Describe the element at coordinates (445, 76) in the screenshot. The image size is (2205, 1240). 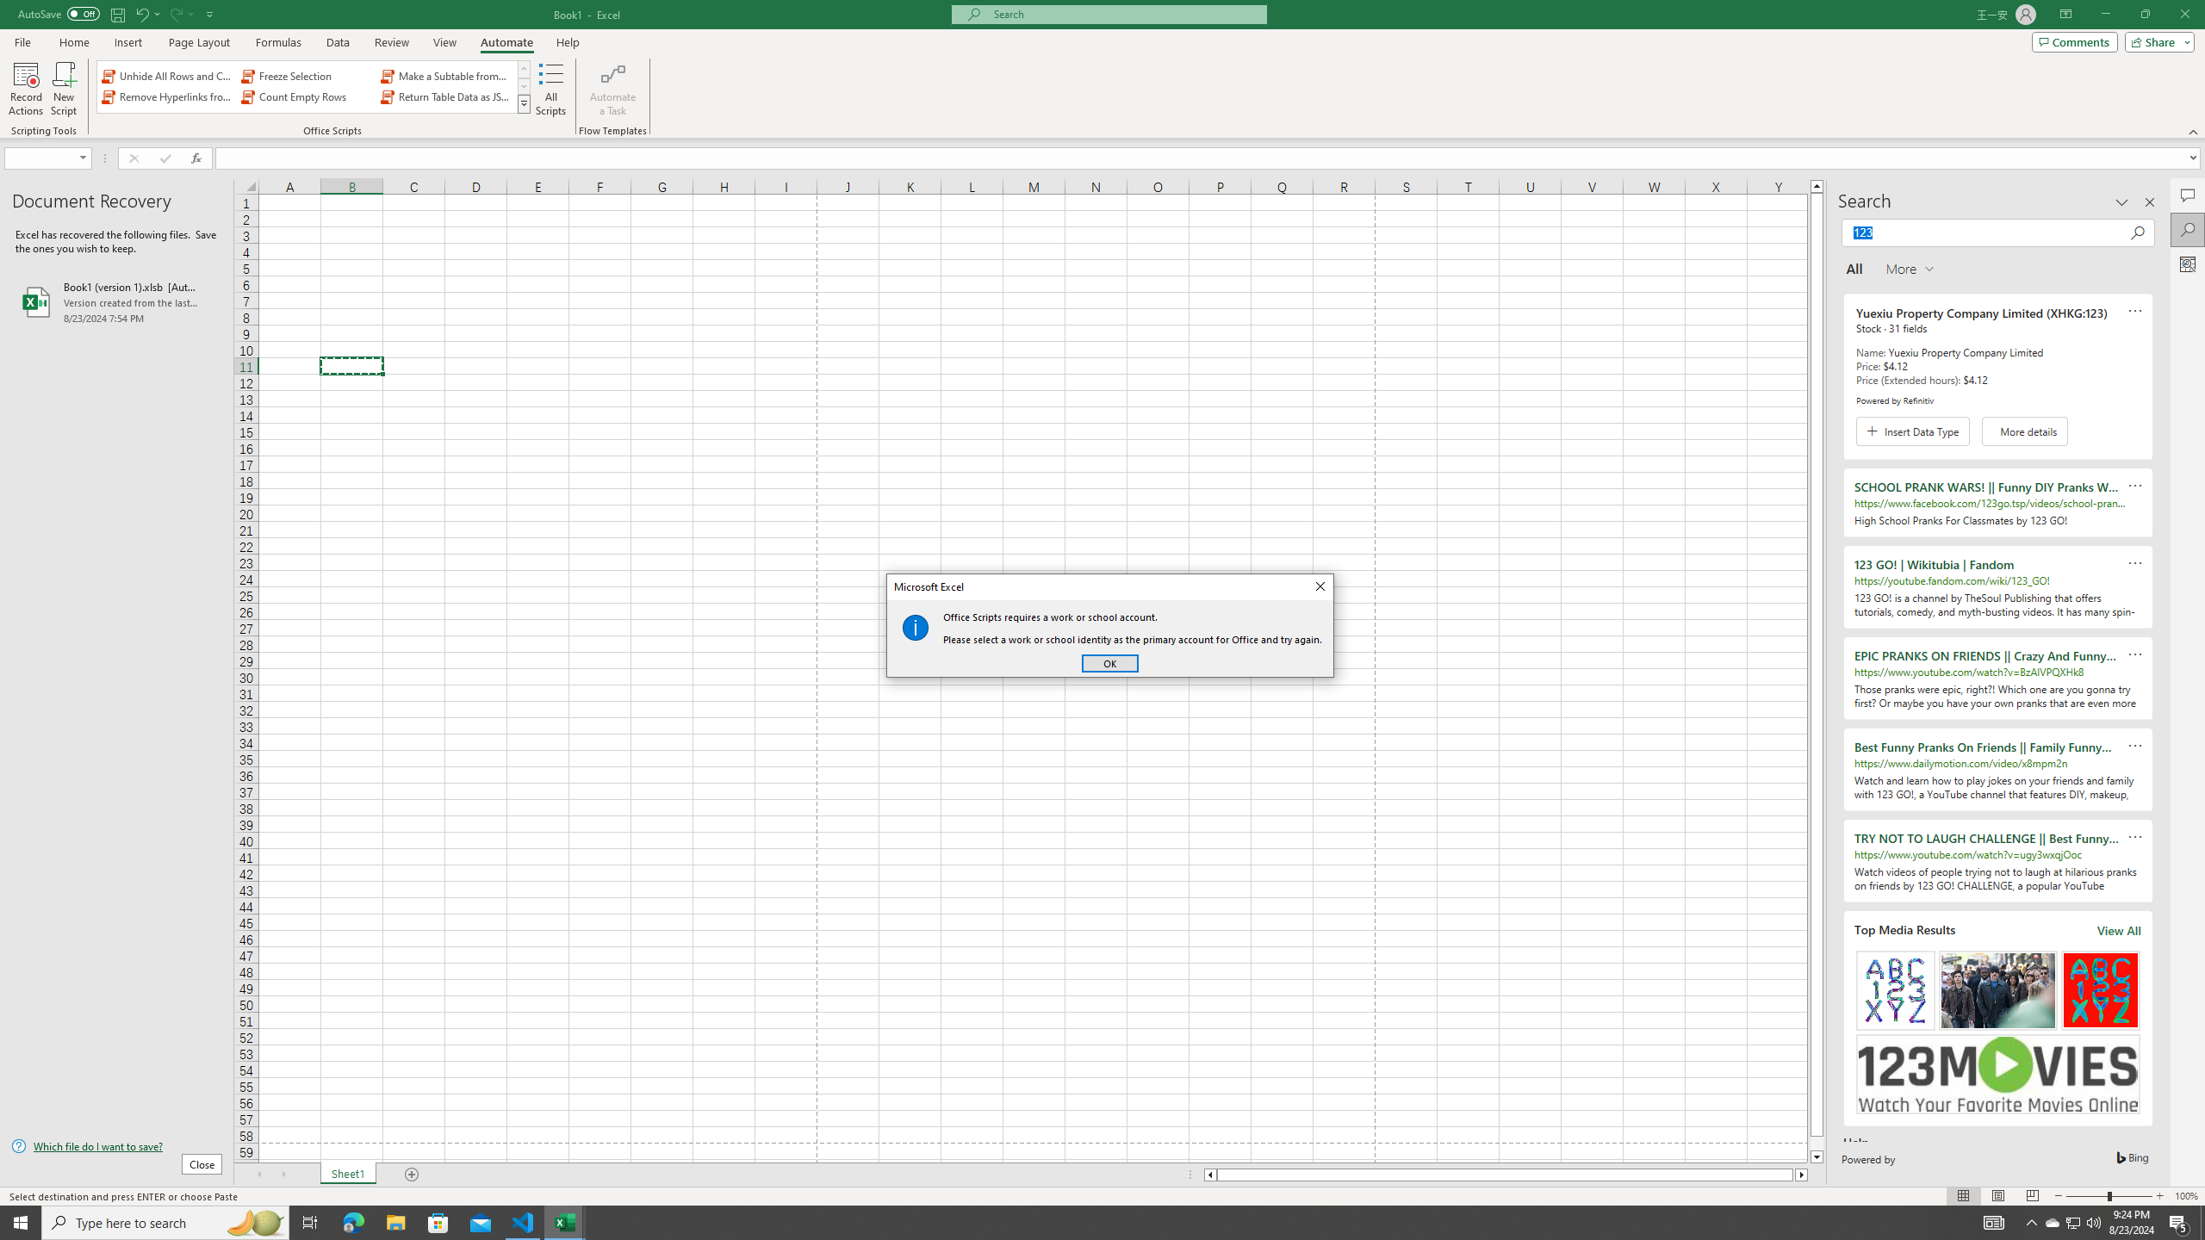
I see `'Make a Subtable from a Selection'` at that location.